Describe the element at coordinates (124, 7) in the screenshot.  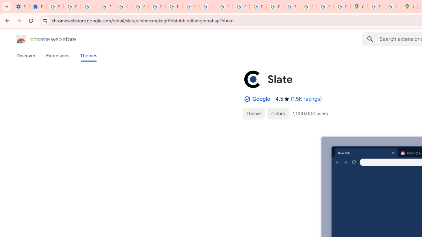
I see `'Google Account Help'` at that location.